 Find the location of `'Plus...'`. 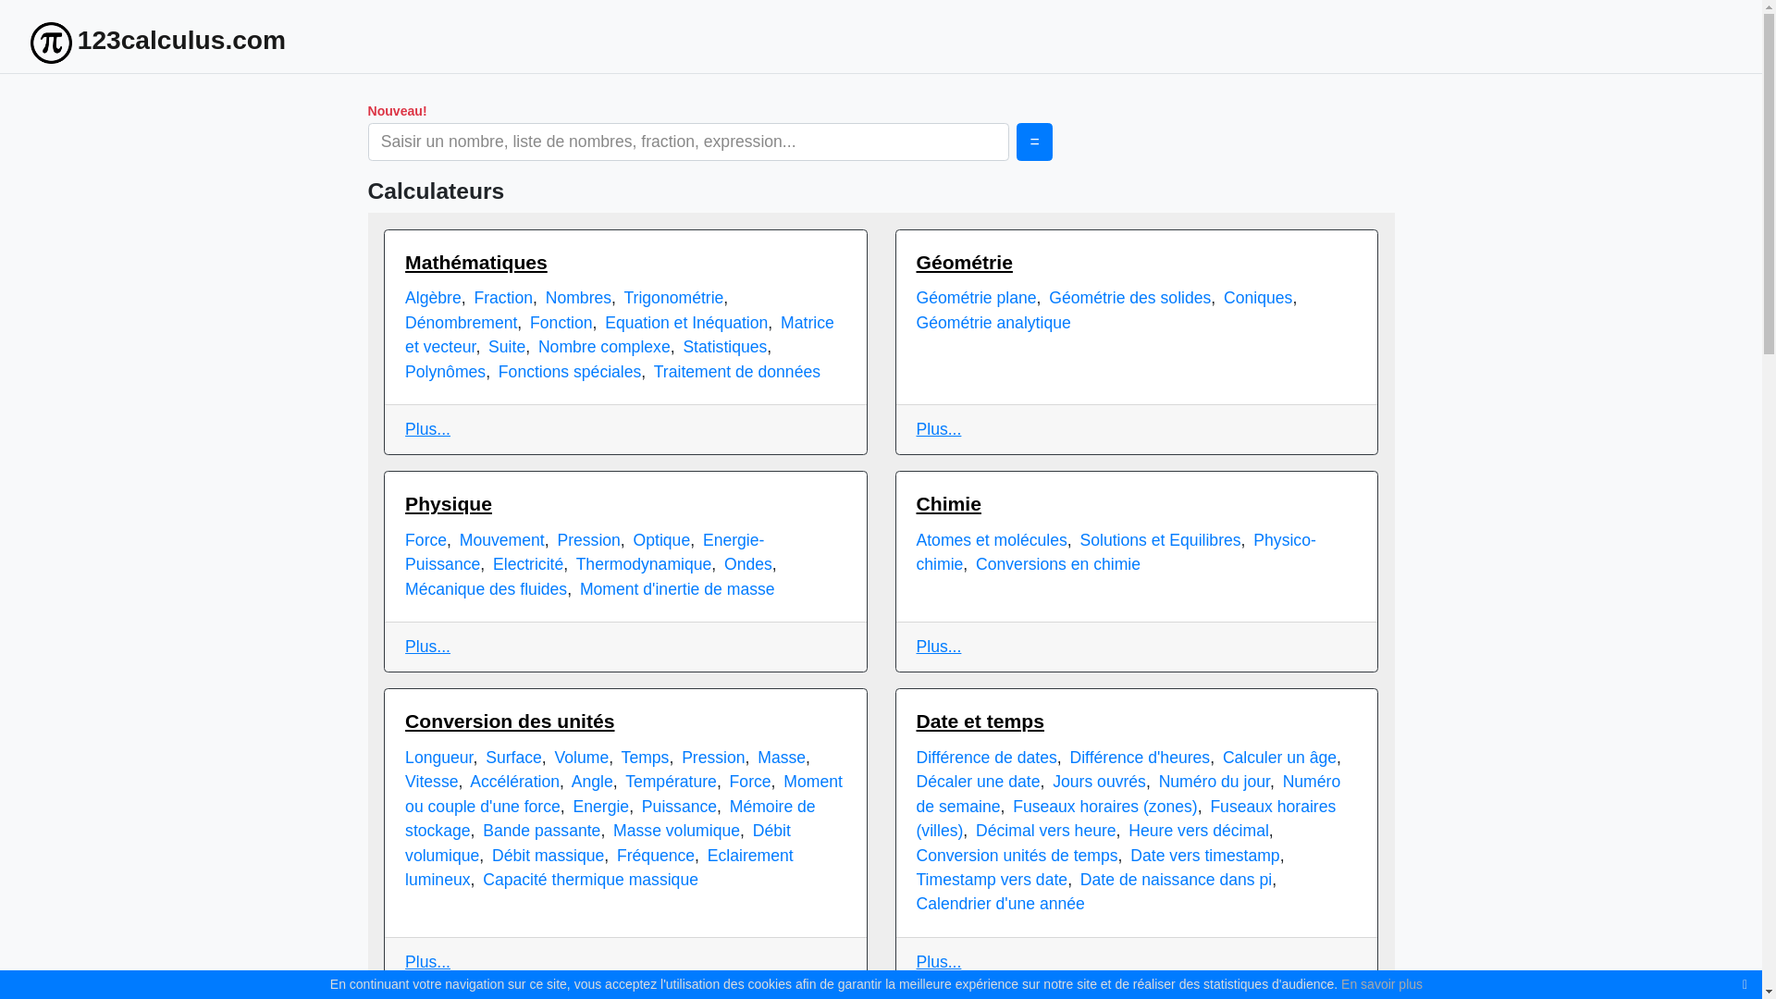

'Plus...' is located at coordinates (426, 428).